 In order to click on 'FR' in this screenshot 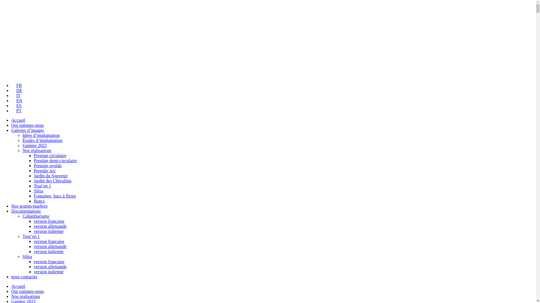, I will do `click(11, 85)`.